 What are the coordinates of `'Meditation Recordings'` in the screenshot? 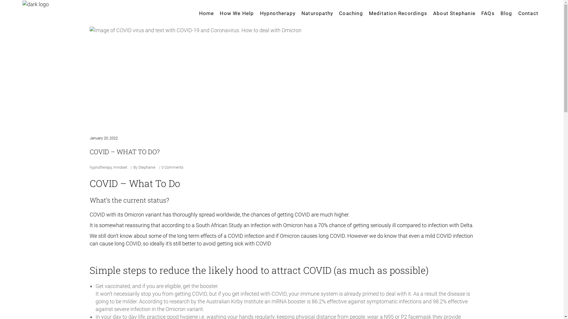 It's located at (398, 13).